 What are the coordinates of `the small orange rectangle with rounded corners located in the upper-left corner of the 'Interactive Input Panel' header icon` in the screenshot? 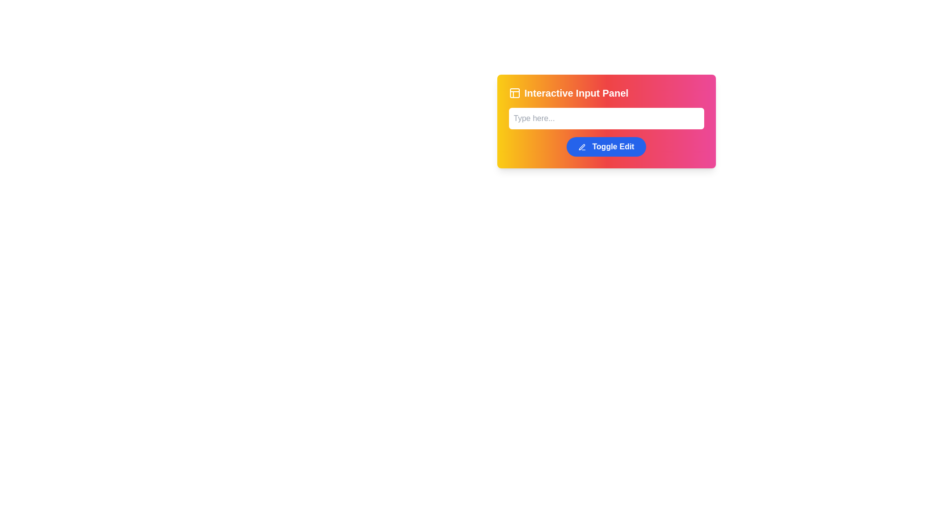 It's located at (514, 93).